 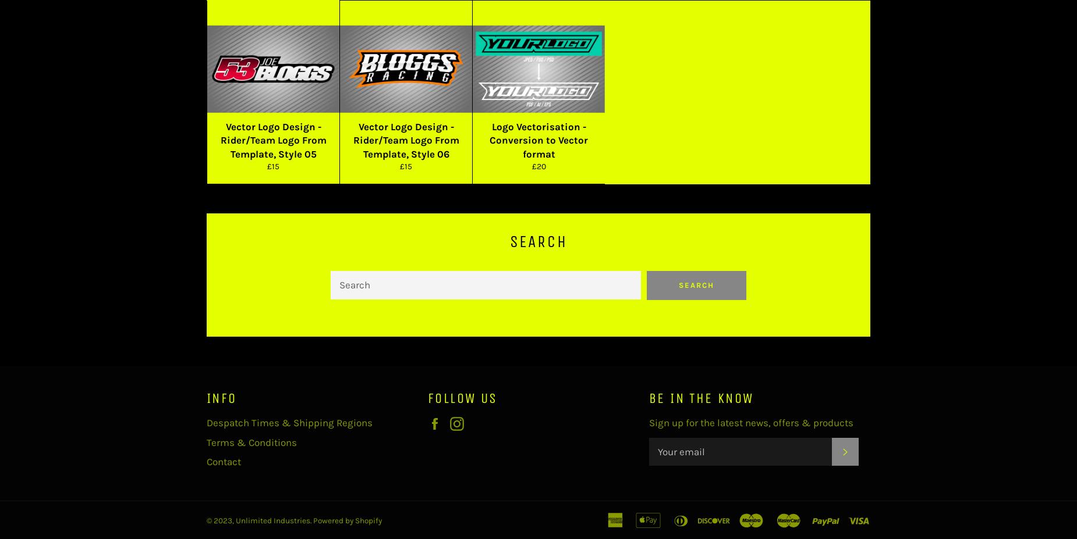 I want to click on 'Contact', so click(x=223, y=461).